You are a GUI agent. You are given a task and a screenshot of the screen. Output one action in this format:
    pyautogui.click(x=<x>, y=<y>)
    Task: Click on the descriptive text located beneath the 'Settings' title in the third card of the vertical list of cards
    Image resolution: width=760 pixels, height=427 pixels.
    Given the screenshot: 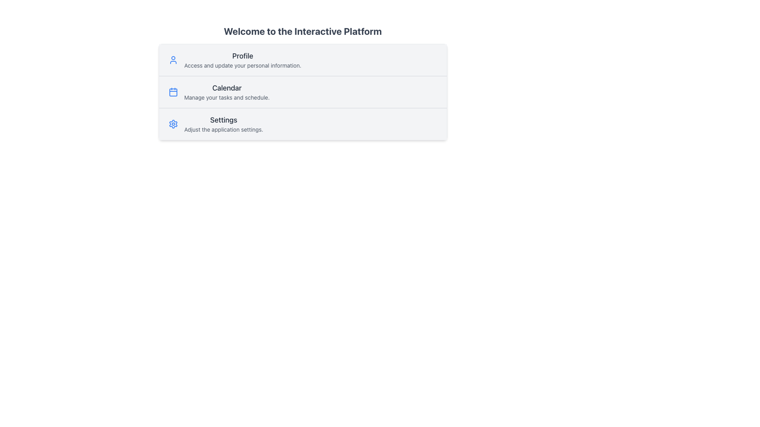 What is the action you would take?
    pyautogui.click(x=223, y=129)
    